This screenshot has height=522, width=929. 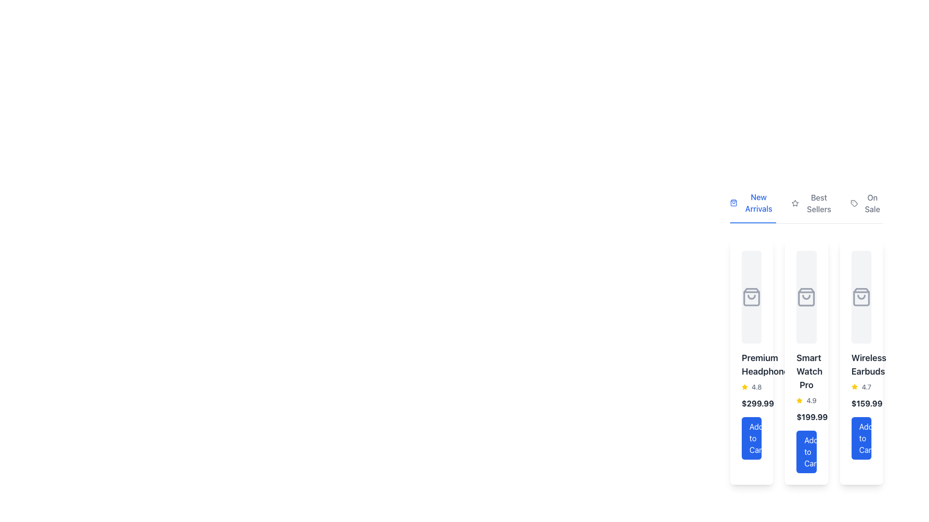 I want to click on the price display of '$159.99' located in the product card for 'Wireless Earbuds', which is styled in bold, dark gray text and positioned centrally above the 'Add to Cart' button, so click(x=867, y=403).